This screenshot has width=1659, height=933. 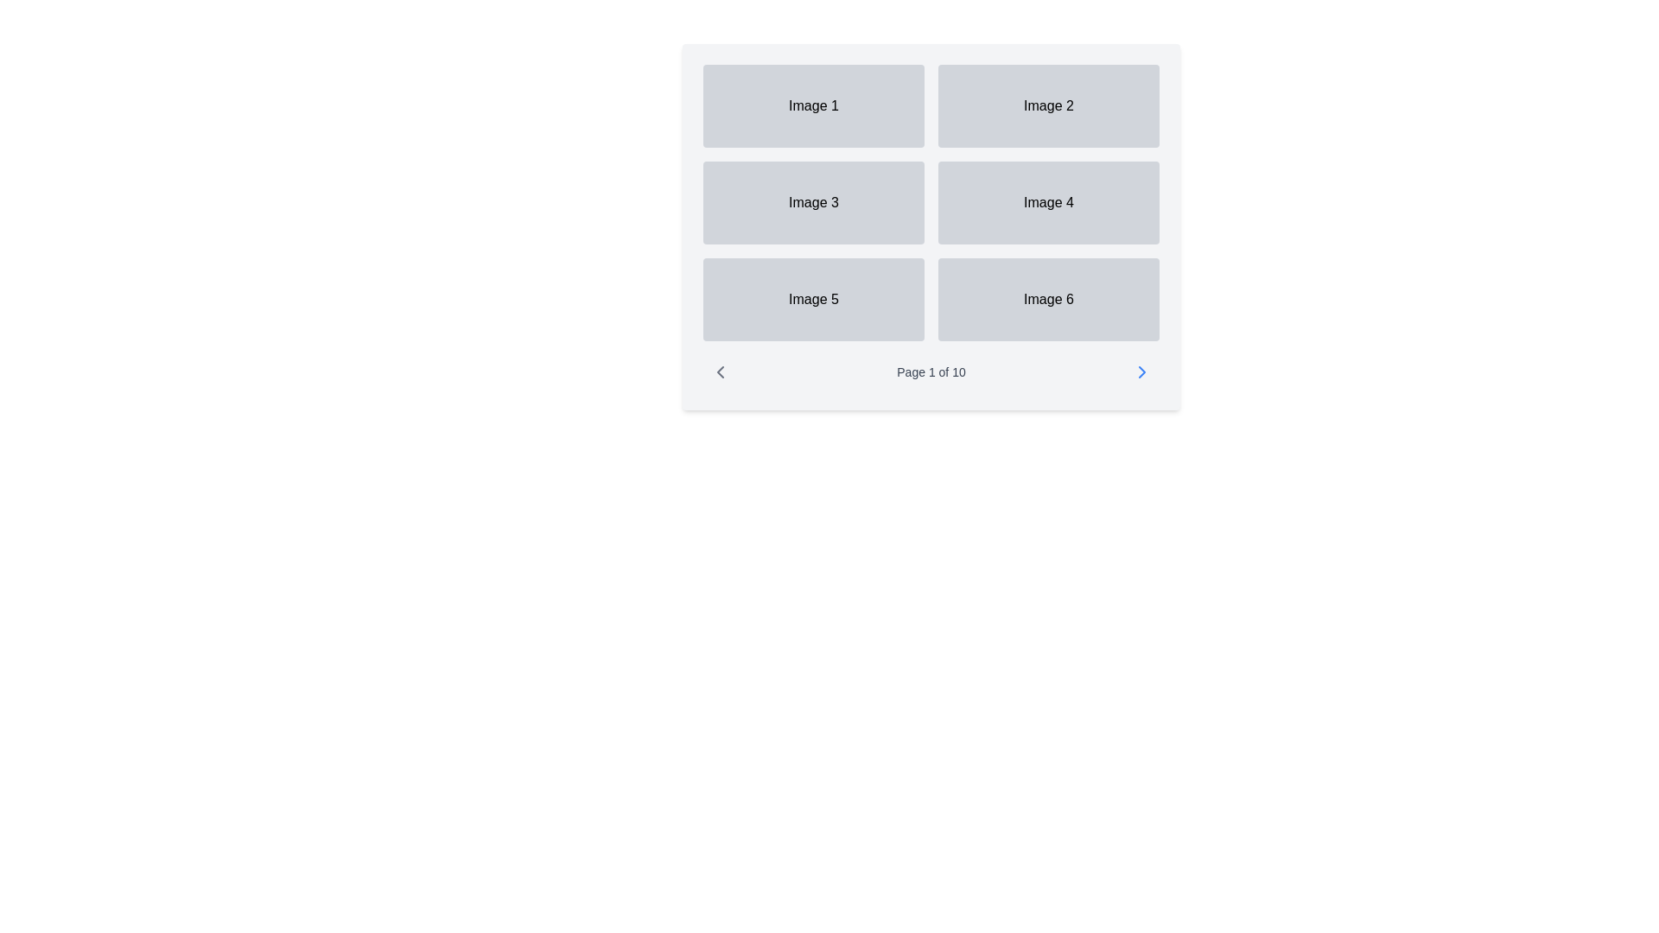 I want to click on the Icon button located in the bottom-left corner of the card area displaying image previews for keyboard navigation, so click(x=721, y=371).